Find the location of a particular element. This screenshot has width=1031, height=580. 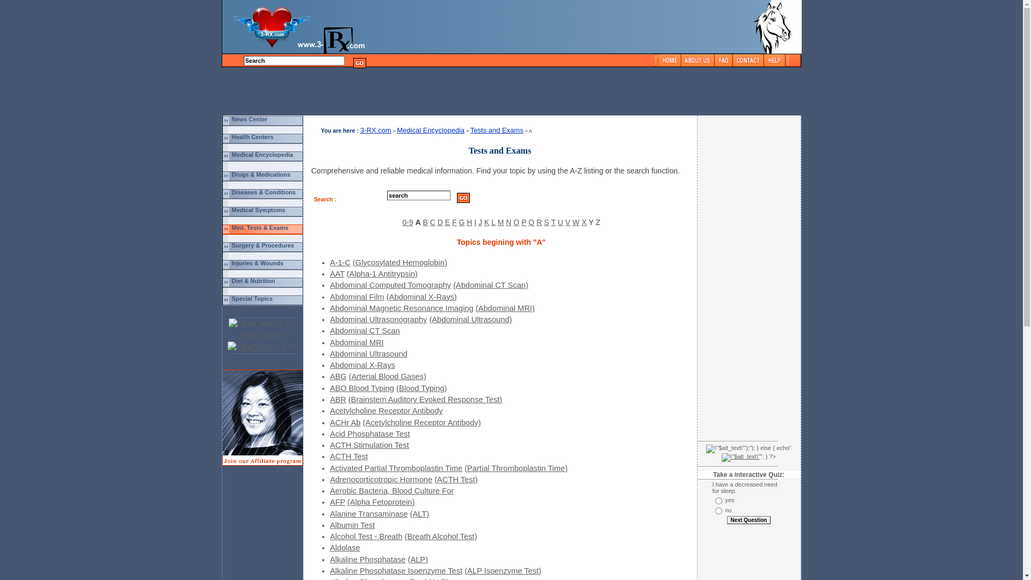

'Alcohol Test - Breath' is located at coordinates (366, 536).